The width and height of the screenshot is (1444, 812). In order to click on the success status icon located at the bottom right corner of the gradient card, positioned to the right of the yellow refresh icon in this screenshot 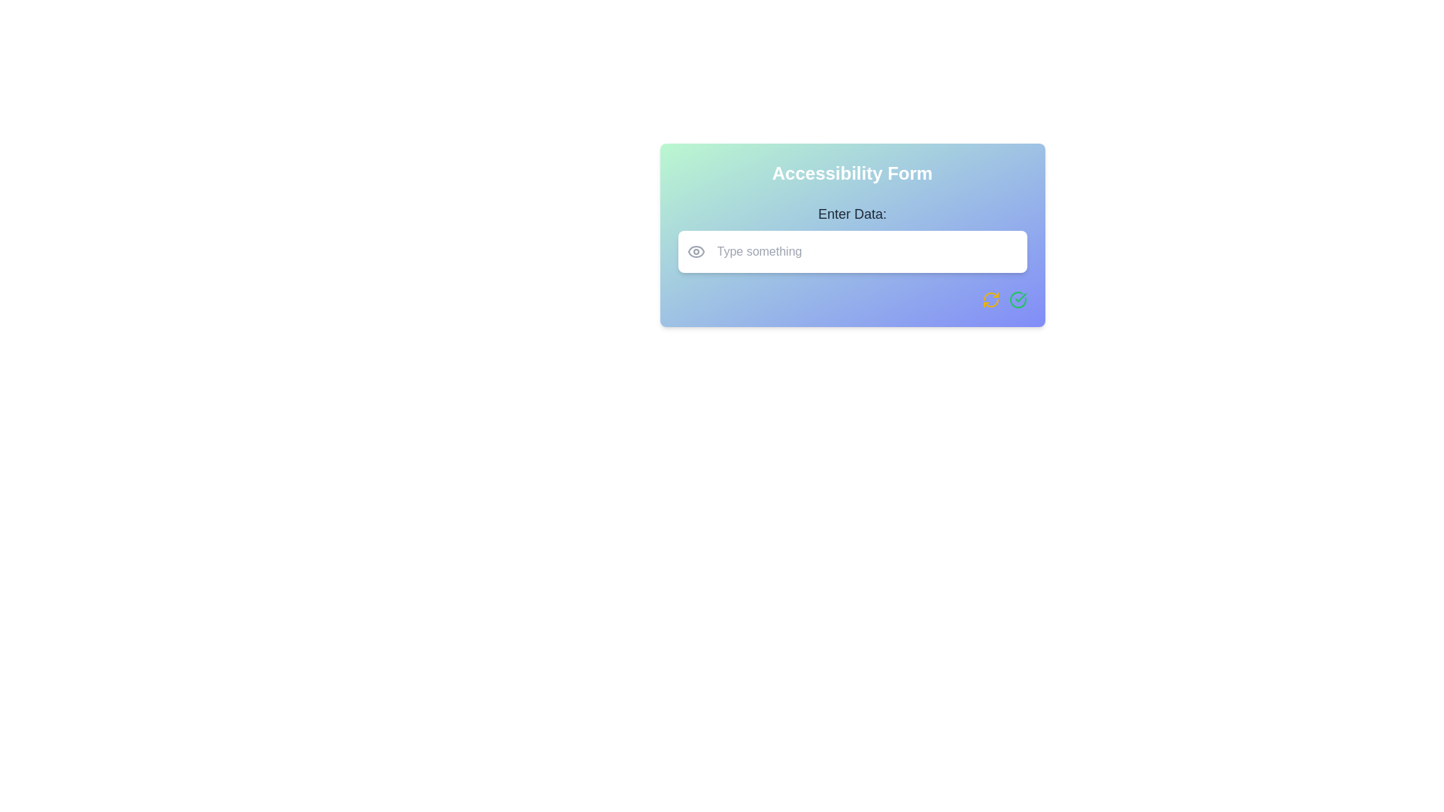, I will do `click(1018, 299)`.